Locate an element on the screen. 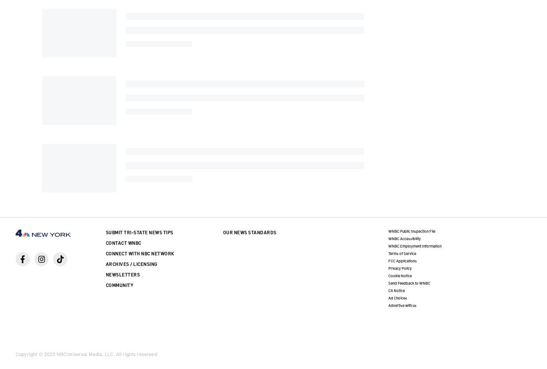  'WNBC Employment Information' is located at coordinates (415, 245).